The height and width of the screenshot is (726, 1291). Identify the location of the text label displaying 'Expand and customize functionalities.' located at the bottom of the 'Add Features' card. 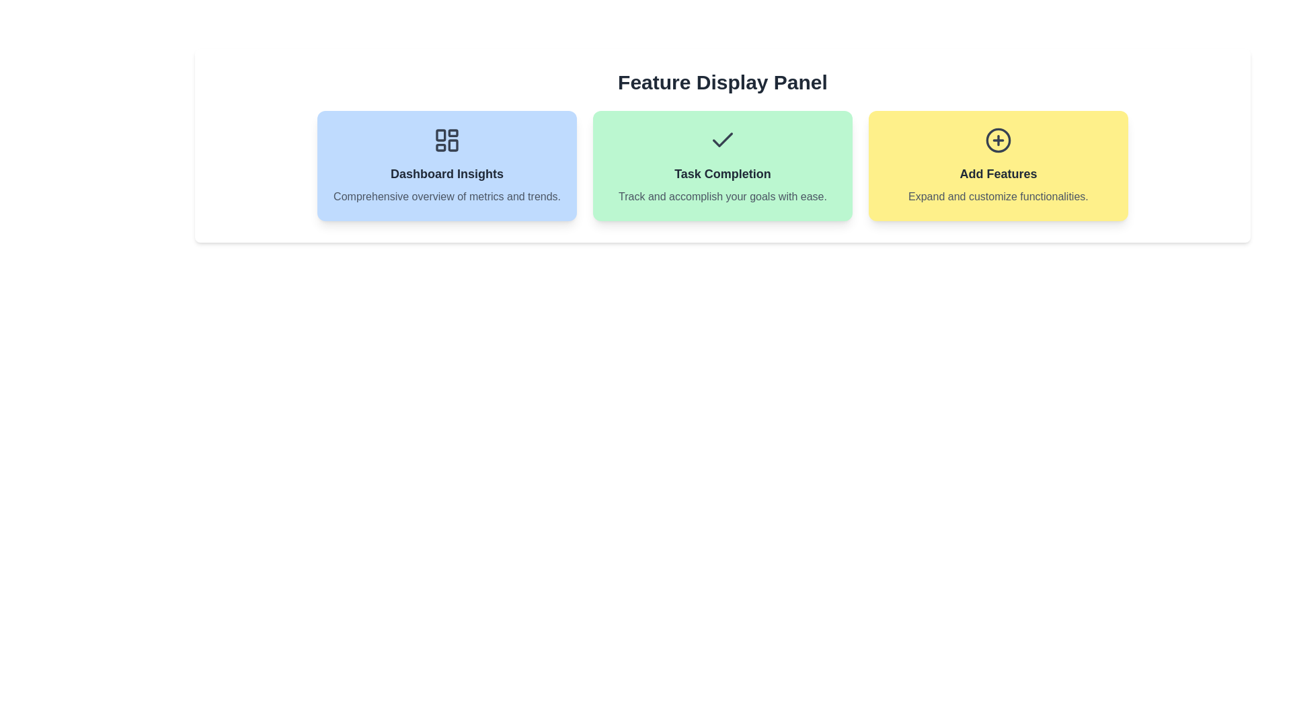
(998, 197).